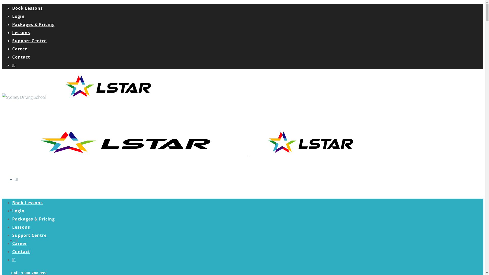  I want to click on 'Lessons', so click(21, 32).